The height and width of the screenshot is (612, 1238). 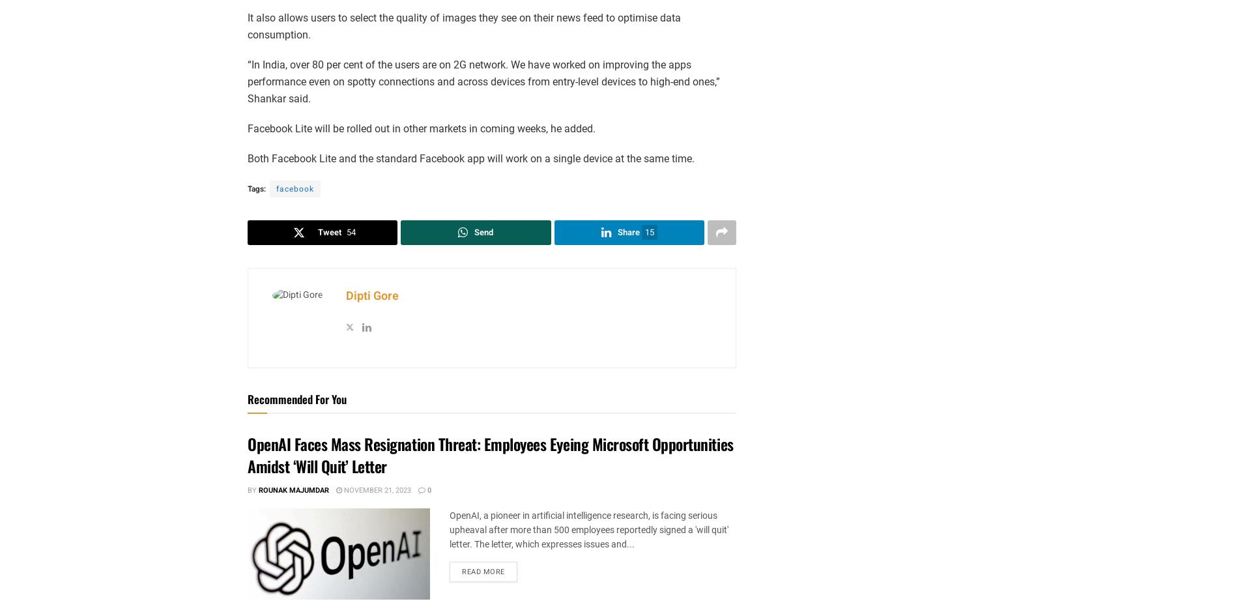 What do you see at coordinates (489, 454) in the screenshot?
I see `'OpenAI Faces Mass Resignation Threat: Employees Eyeing Microsoft Opportunities Amidst ‘Will Quit’ Letter'` at bounding box center [489, 454].